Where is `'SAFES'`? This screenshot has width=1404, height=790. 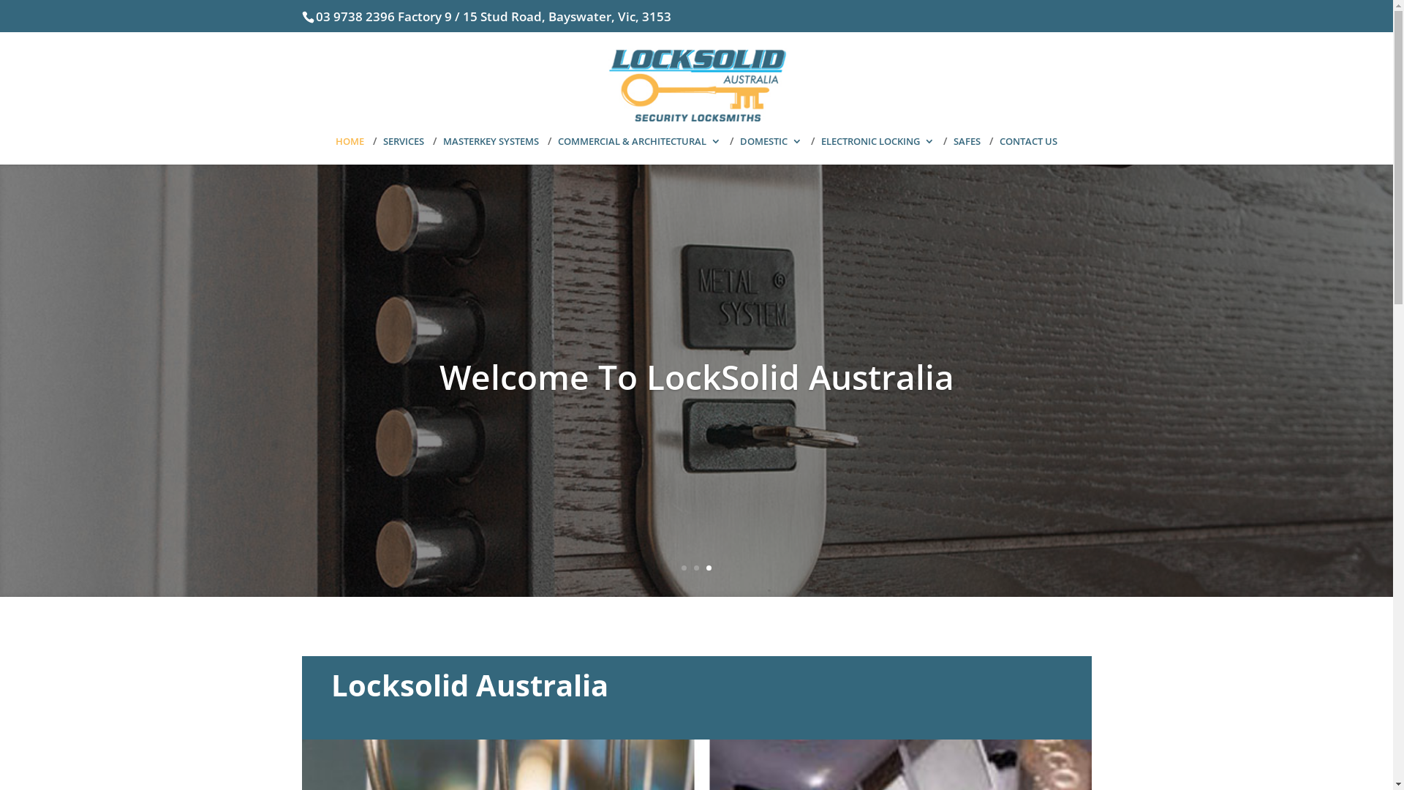 'SAFES' is located at coordinates (967, 150).